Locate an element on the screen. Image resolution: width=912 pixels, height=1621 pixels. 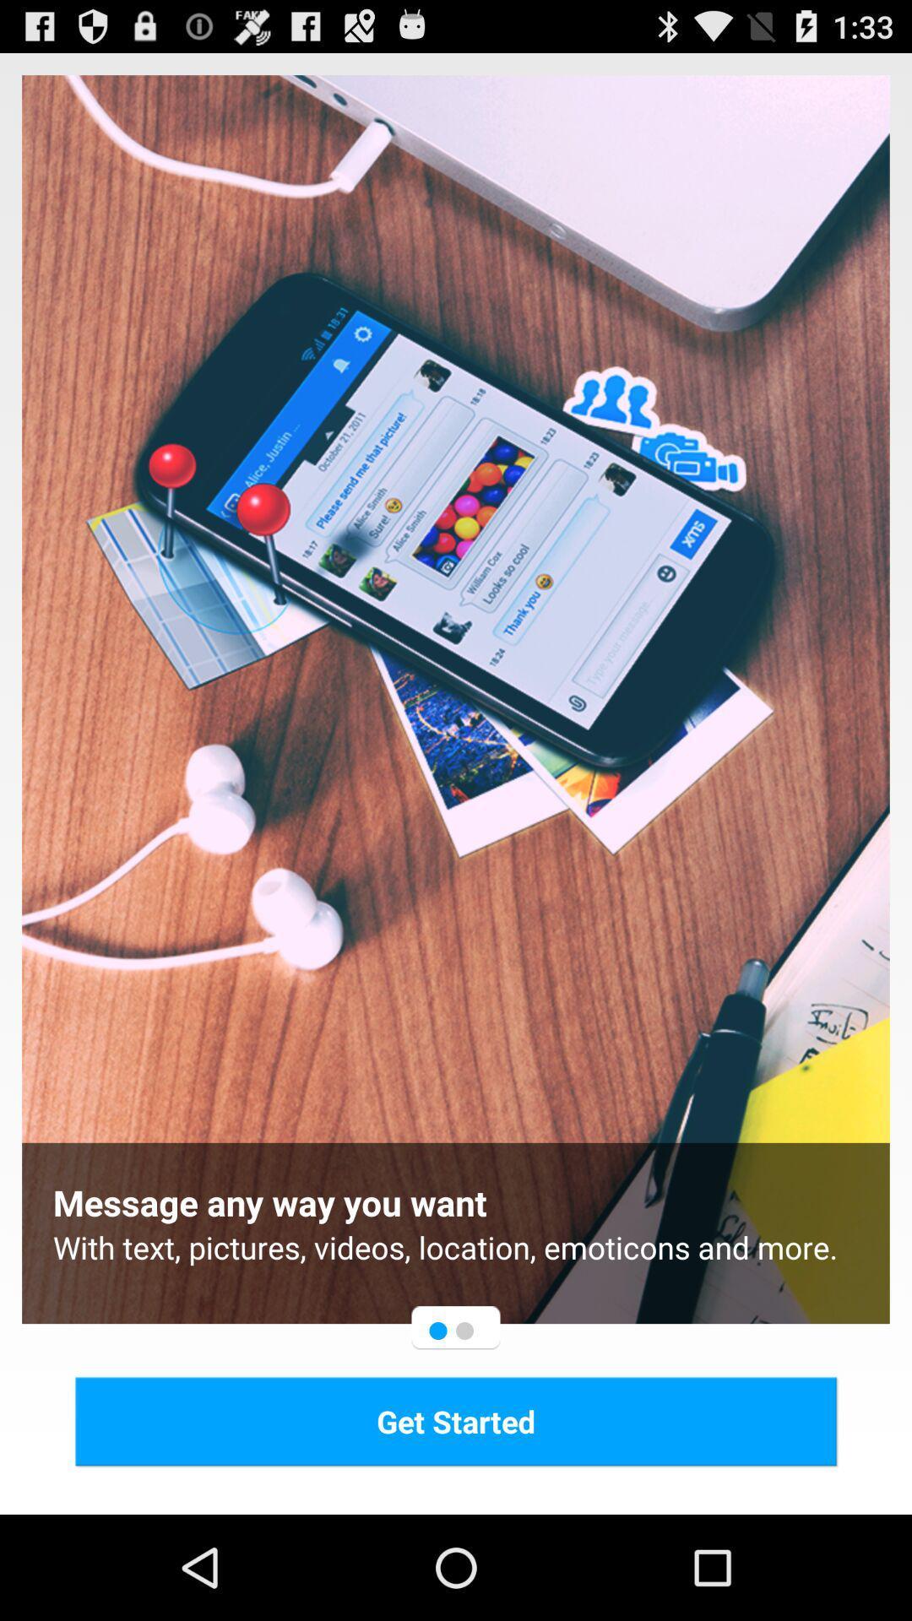
the get started item is located at coordinates (456, 1420).